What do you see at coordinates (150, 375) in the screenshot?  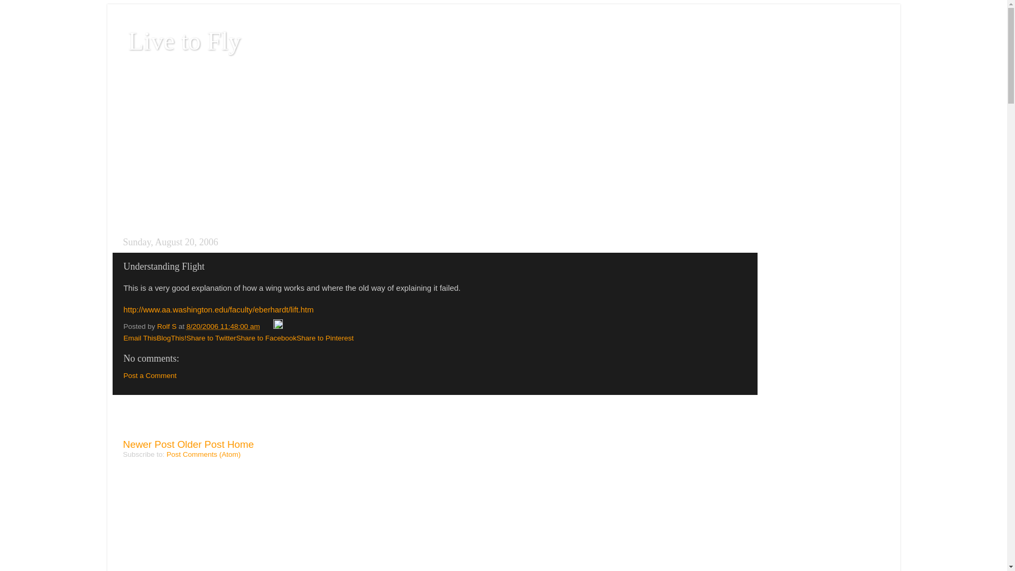 I see `'Post a Comment'` at bounding box center [150, 375].